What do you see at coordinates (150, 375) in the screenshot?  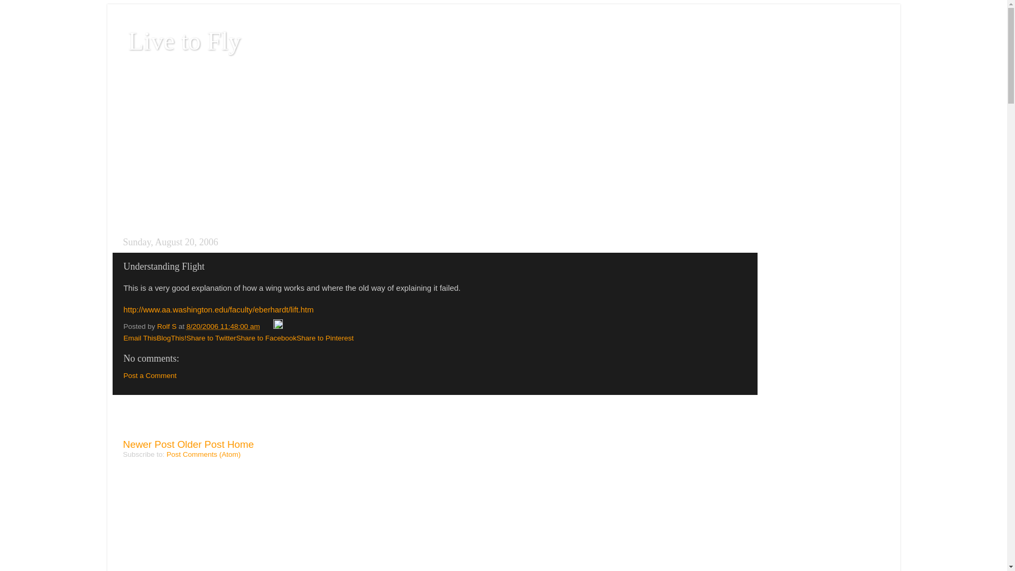 I see `'Post a Comment'` at bounding box center [150, 375].